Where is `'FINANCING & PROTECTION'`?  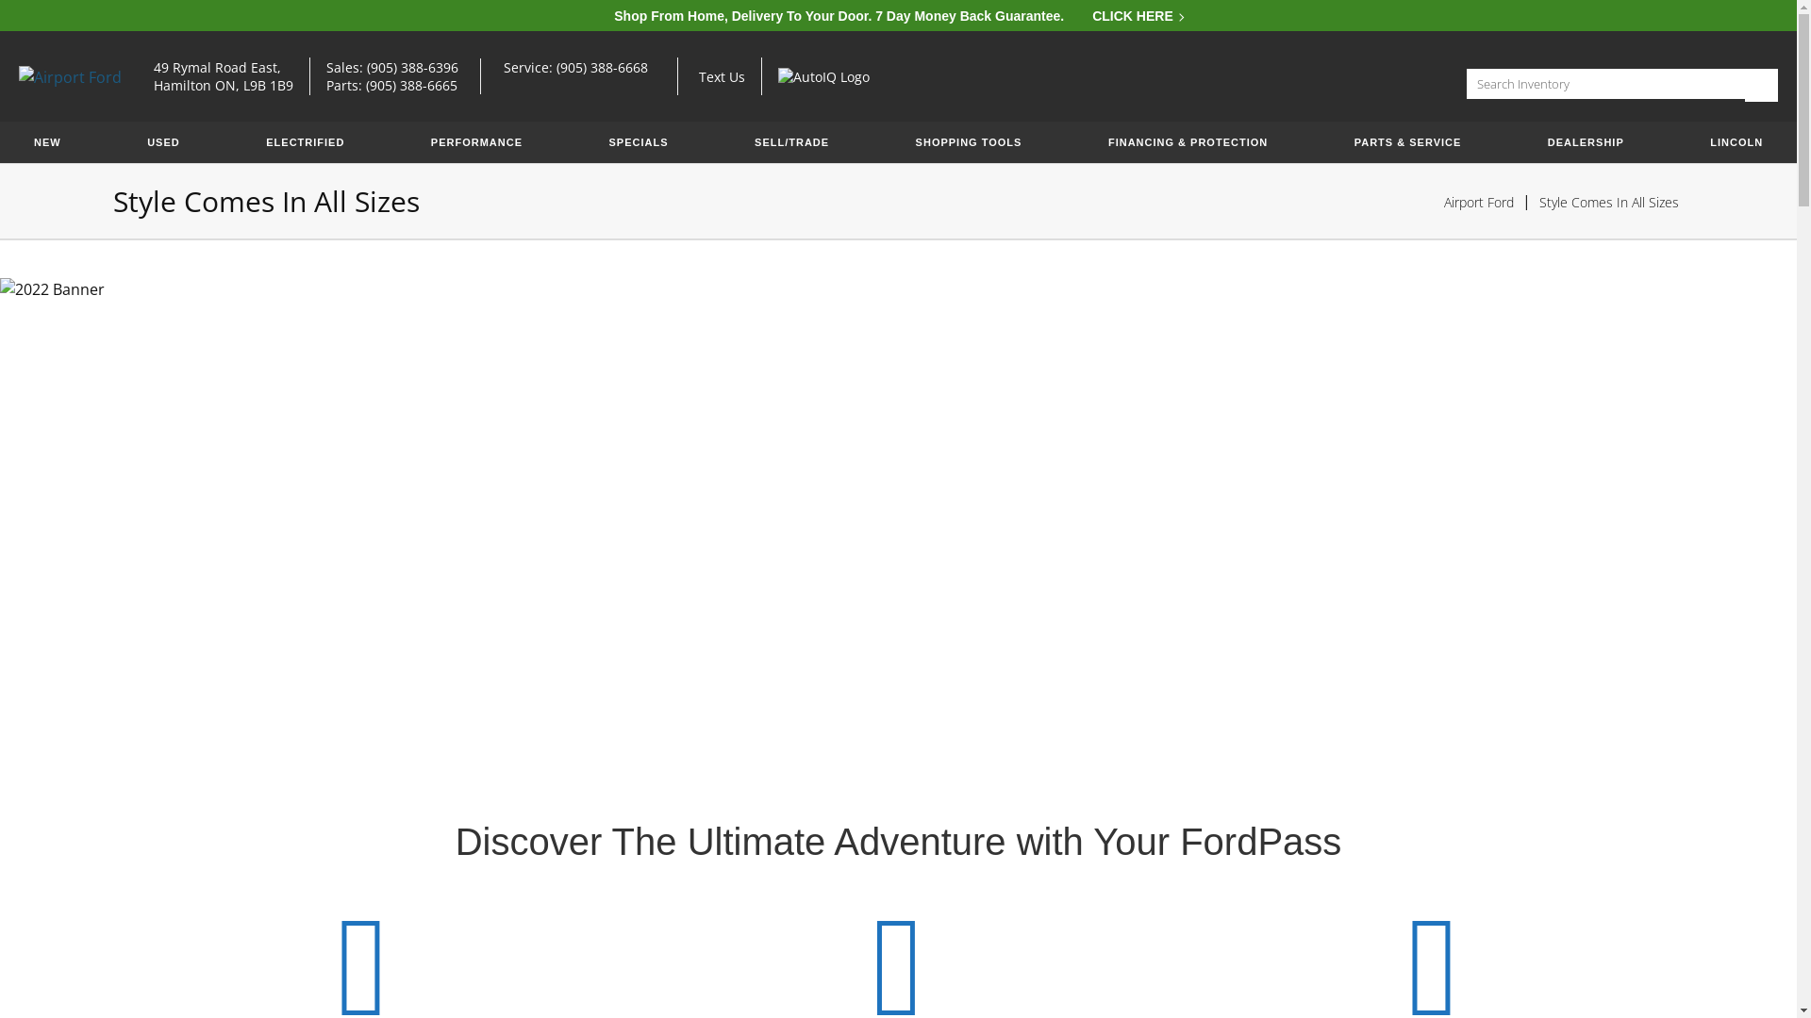 'FINANCING & PROTECTION' is located at coordinates (1187, 141).